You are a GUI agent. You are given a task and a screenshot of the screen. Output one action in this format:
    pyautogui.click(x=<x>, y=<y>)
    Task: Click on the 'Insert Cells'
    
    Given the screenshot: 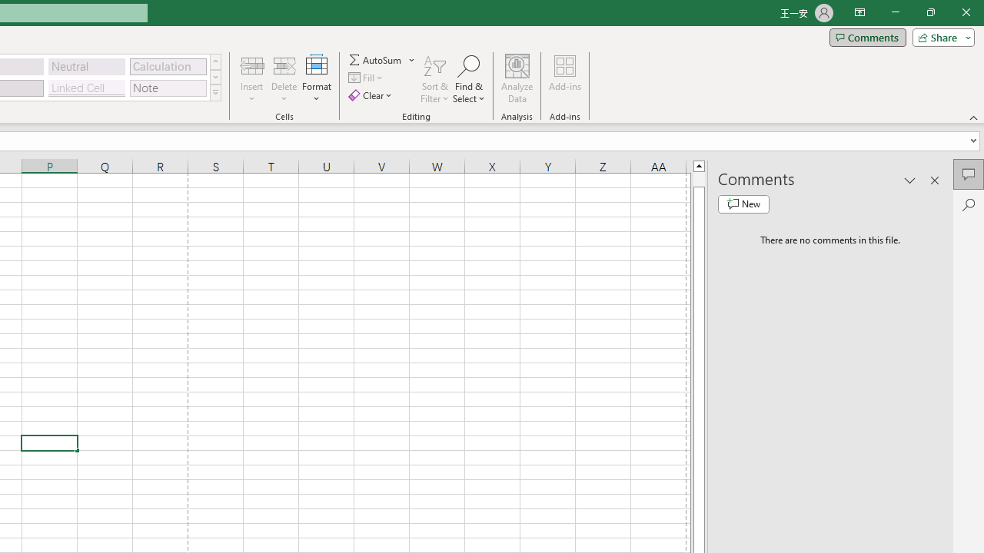 What is the action you would take?
    pyautogui.click(x=252, y=65)
    